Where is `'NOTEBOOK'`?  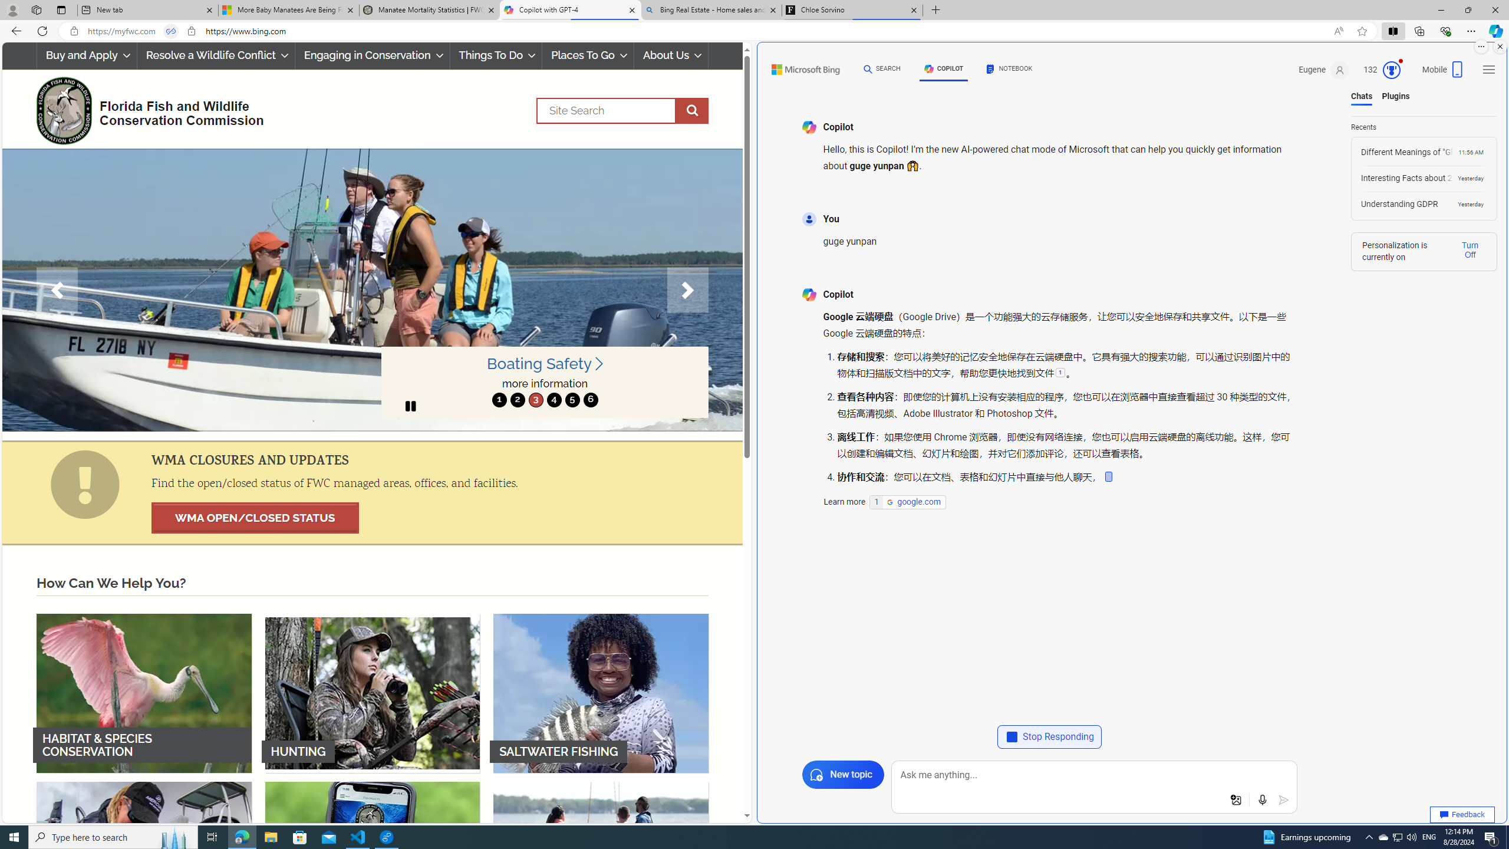 'NOTEBOOK' is located at coordinates (1009, 68).